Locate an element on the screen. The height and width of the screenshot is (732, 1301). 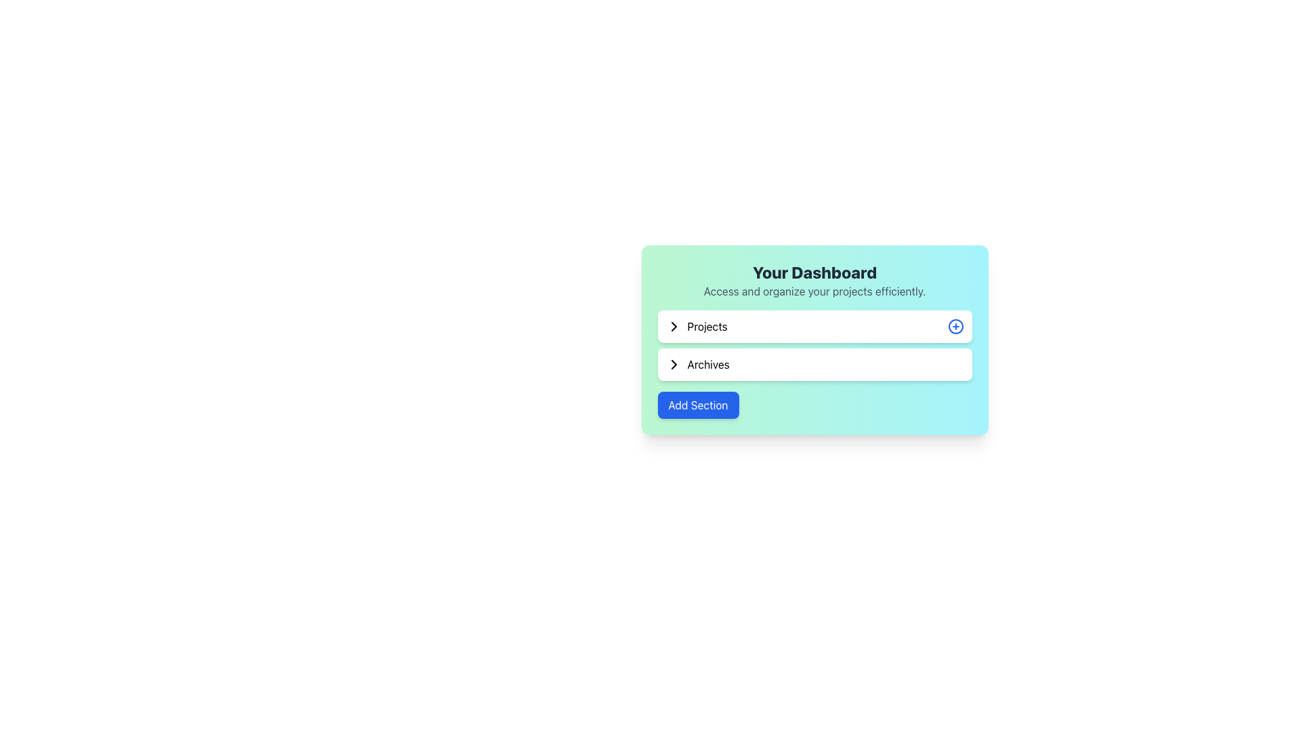
the Text Label located directly below the 'Your Dashboard' heading, which provides an overview of the dashboard's functionality is located at coordinates (814, 290).